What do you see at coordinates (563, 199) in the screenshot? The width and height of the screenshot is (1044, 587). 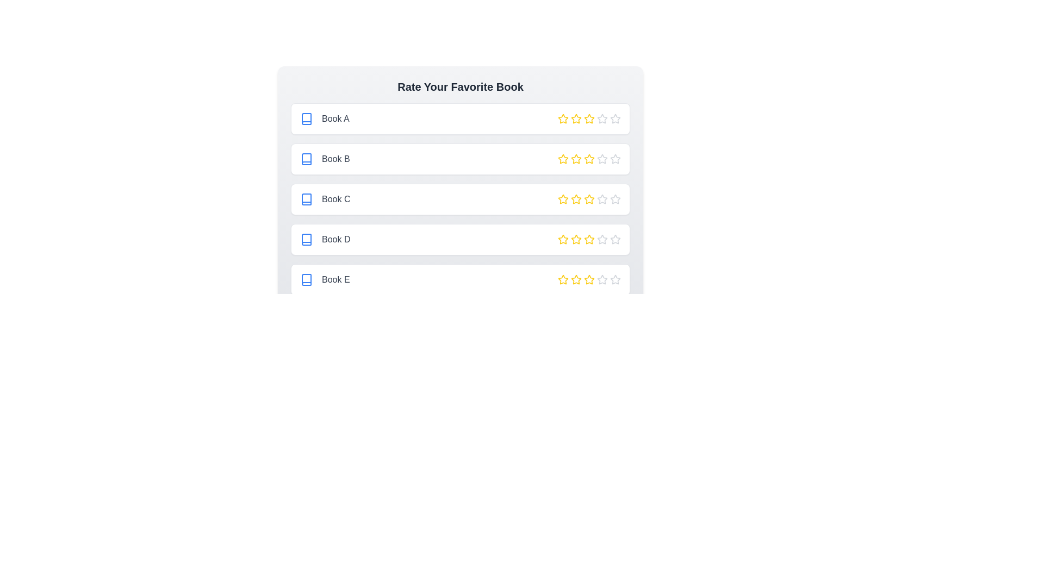 I see `the star corresponding to 1 stars for the book titled Book C` at bounding box center [563, 199].